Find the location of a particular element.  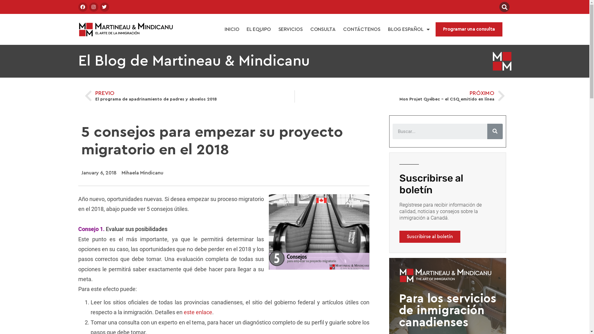

'CONSULTA' is located at coordinates (306, 29).